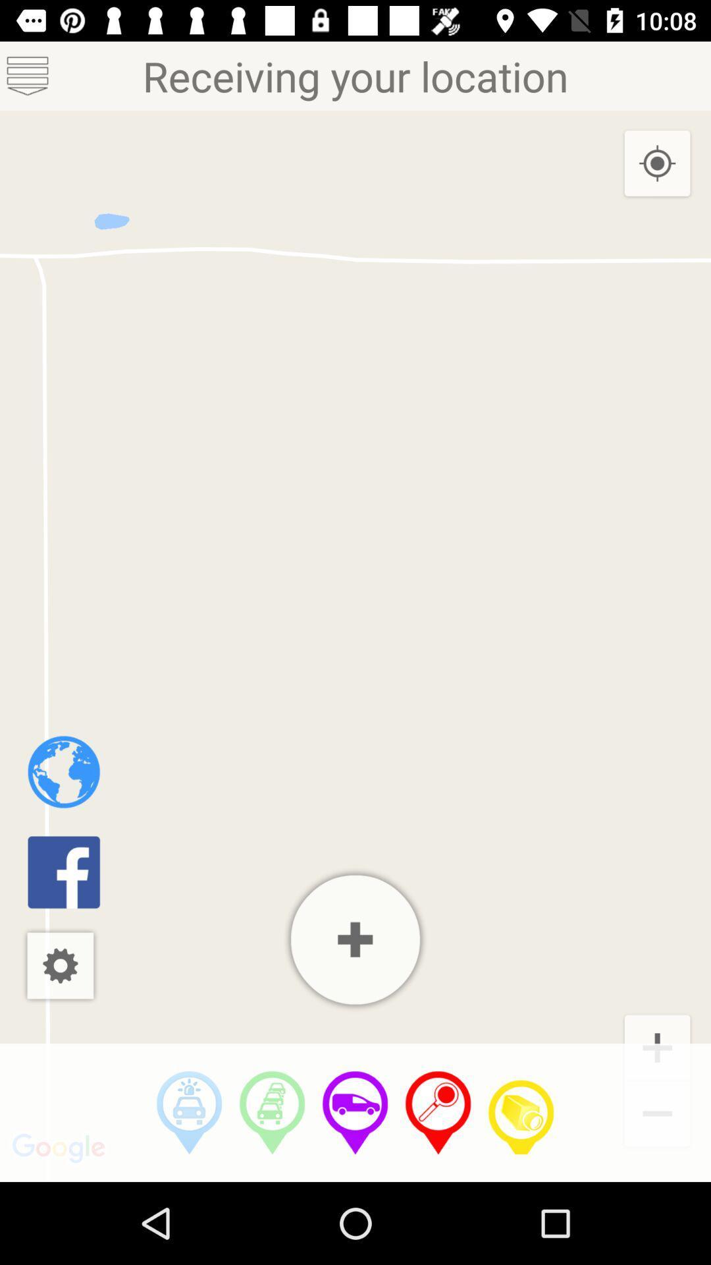 The image size is (711, 1265). Describe the element at coordinates (520, 1112) in the screenshot. I see `take picture` at that location.